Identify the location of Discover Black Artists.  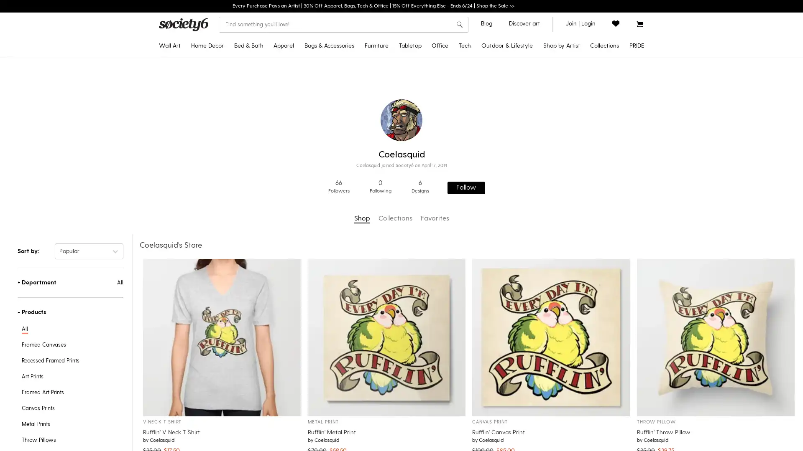
(573, 107).